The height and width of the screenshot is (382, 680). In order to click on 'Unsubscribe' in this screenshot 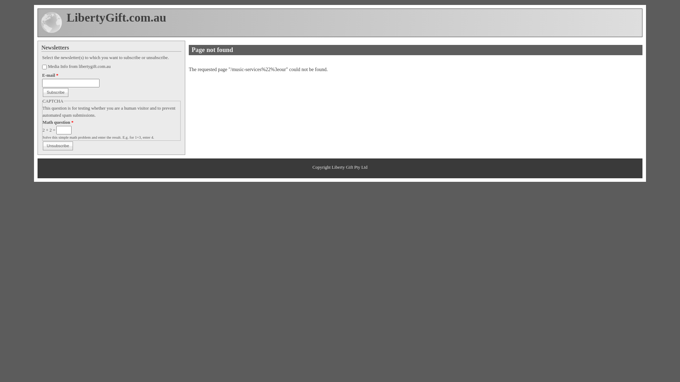, I will do `click(58, 145)`.